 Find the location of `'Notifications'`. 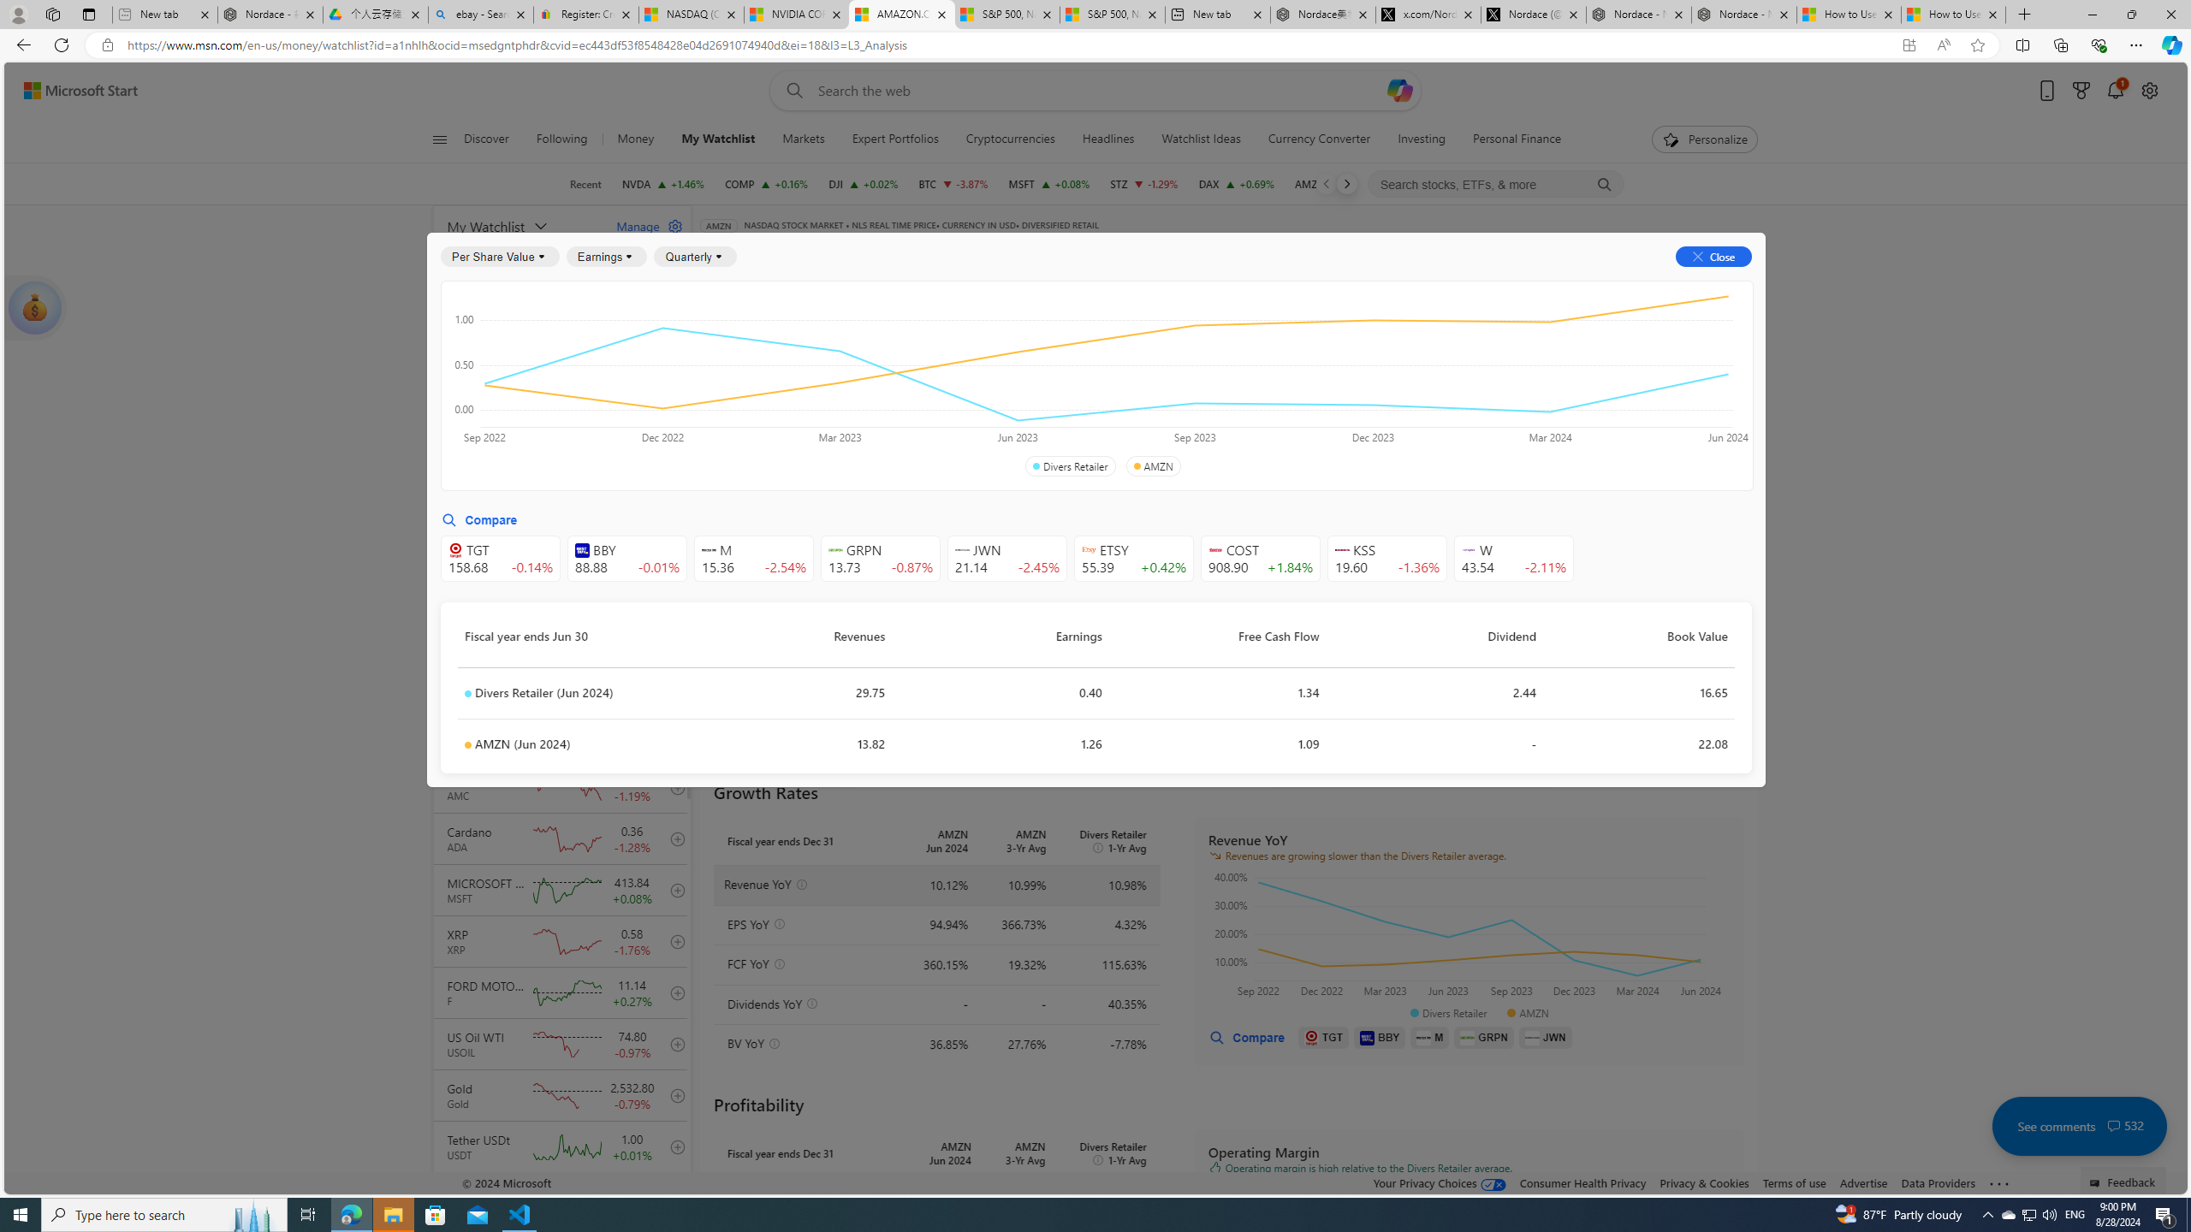

'Notifications' is located at coordinates (2114, 91).